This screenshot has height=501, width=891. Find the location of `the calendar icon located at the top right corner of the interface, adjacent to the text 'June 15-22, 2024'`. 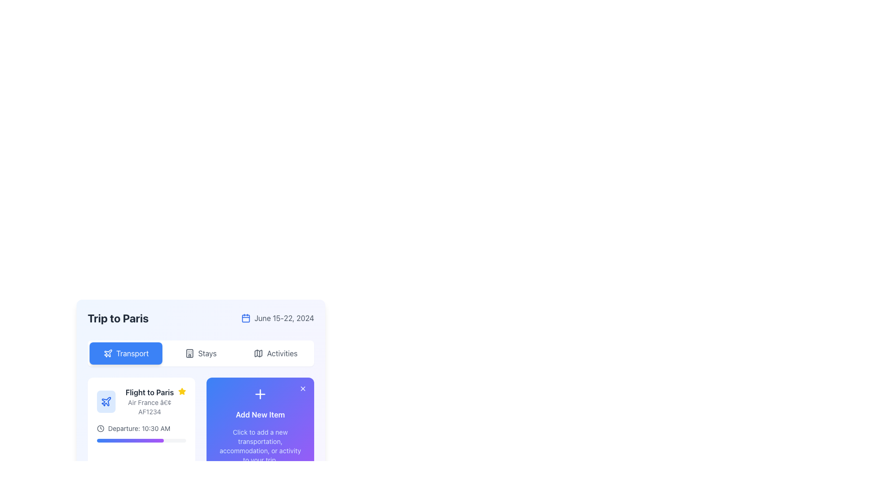

the calendar icon located at the top right corner of the interface, adjacent to the text 'June 15-22, 2024' is located at coordinates (246, 318).